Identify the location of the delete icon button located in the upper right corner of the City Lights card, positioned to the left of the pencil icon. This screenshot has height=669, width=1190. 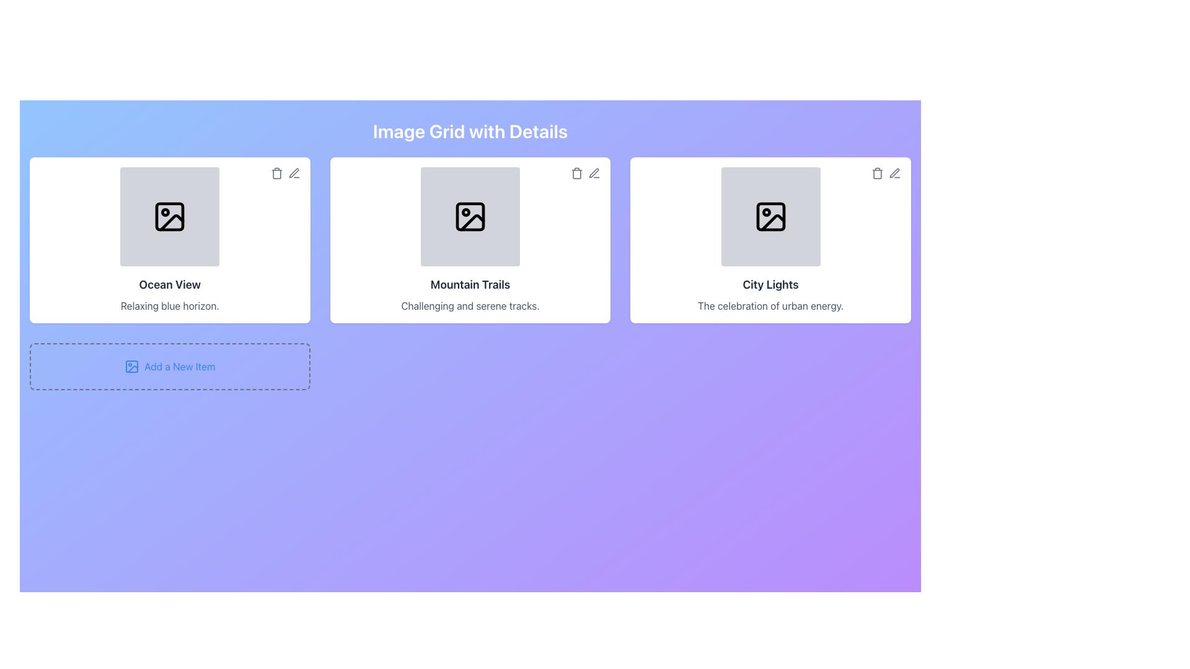
(877, 173).